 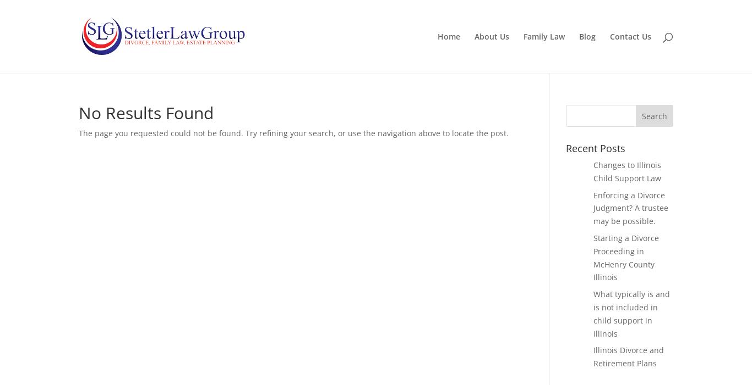 I want to click on 'About Us', so click(x=491, y=36).